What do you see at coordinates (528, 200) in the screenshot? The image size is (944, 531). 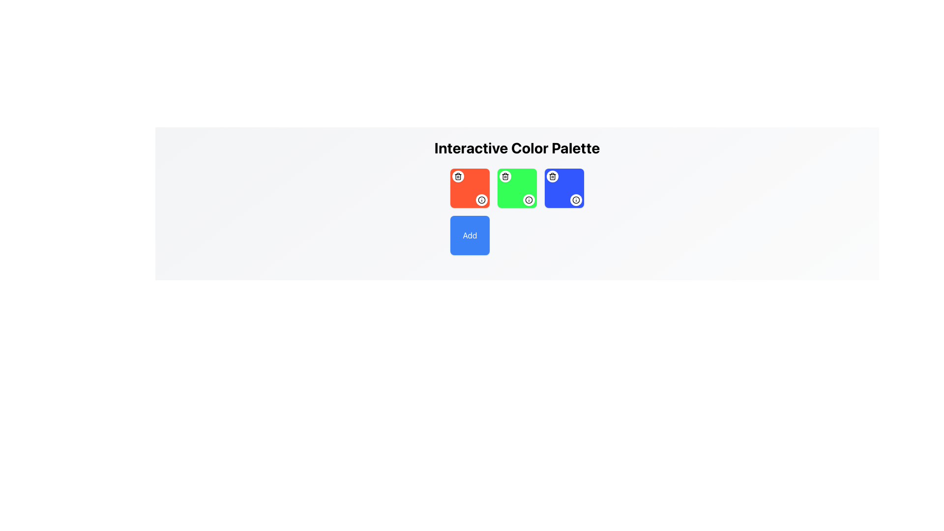 I see `the Informational Icon, which is a circular icon with an 'i' symbol inside, located in the bottom-right corner of the green square in the second row` at bounding box center [528, 200].